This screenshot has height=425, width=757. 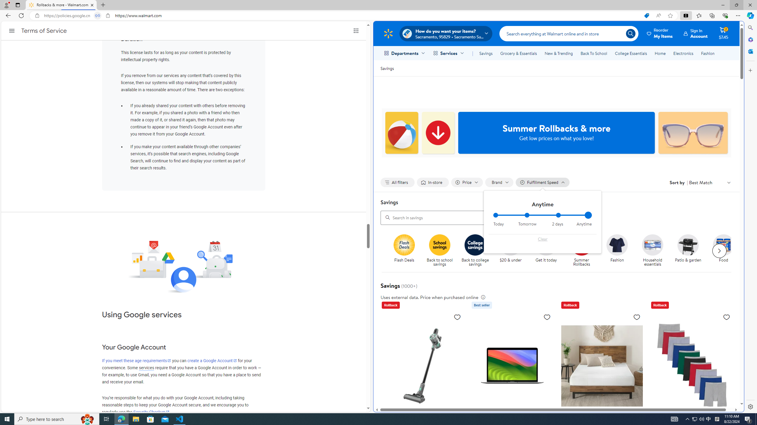 What do you see at coordinates (475, 244) in the screenshot?
I see `'Back to College savings'` at bounding box center [475, 244].